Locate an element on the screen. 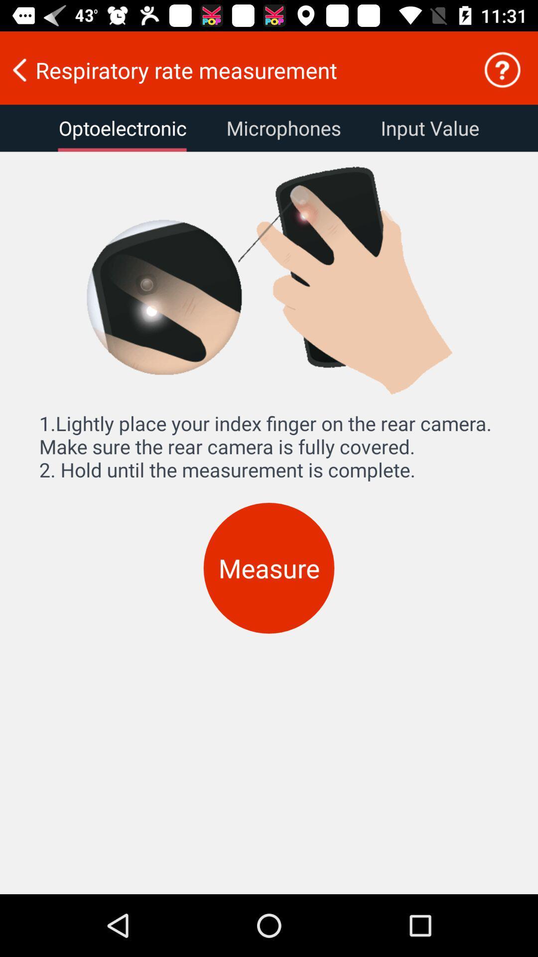 The width and height of the screenshot is (538, 957). respiratory rate measurement is located at coordinates (235, 69).